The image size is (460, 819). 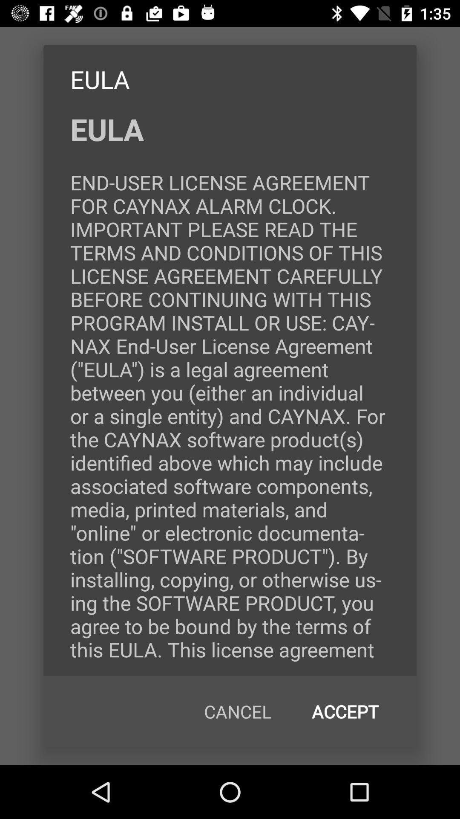 What do you see at coordinates (345, 712) in the screenshot?
I see `the accept icon` at bounding box center [345, 712].